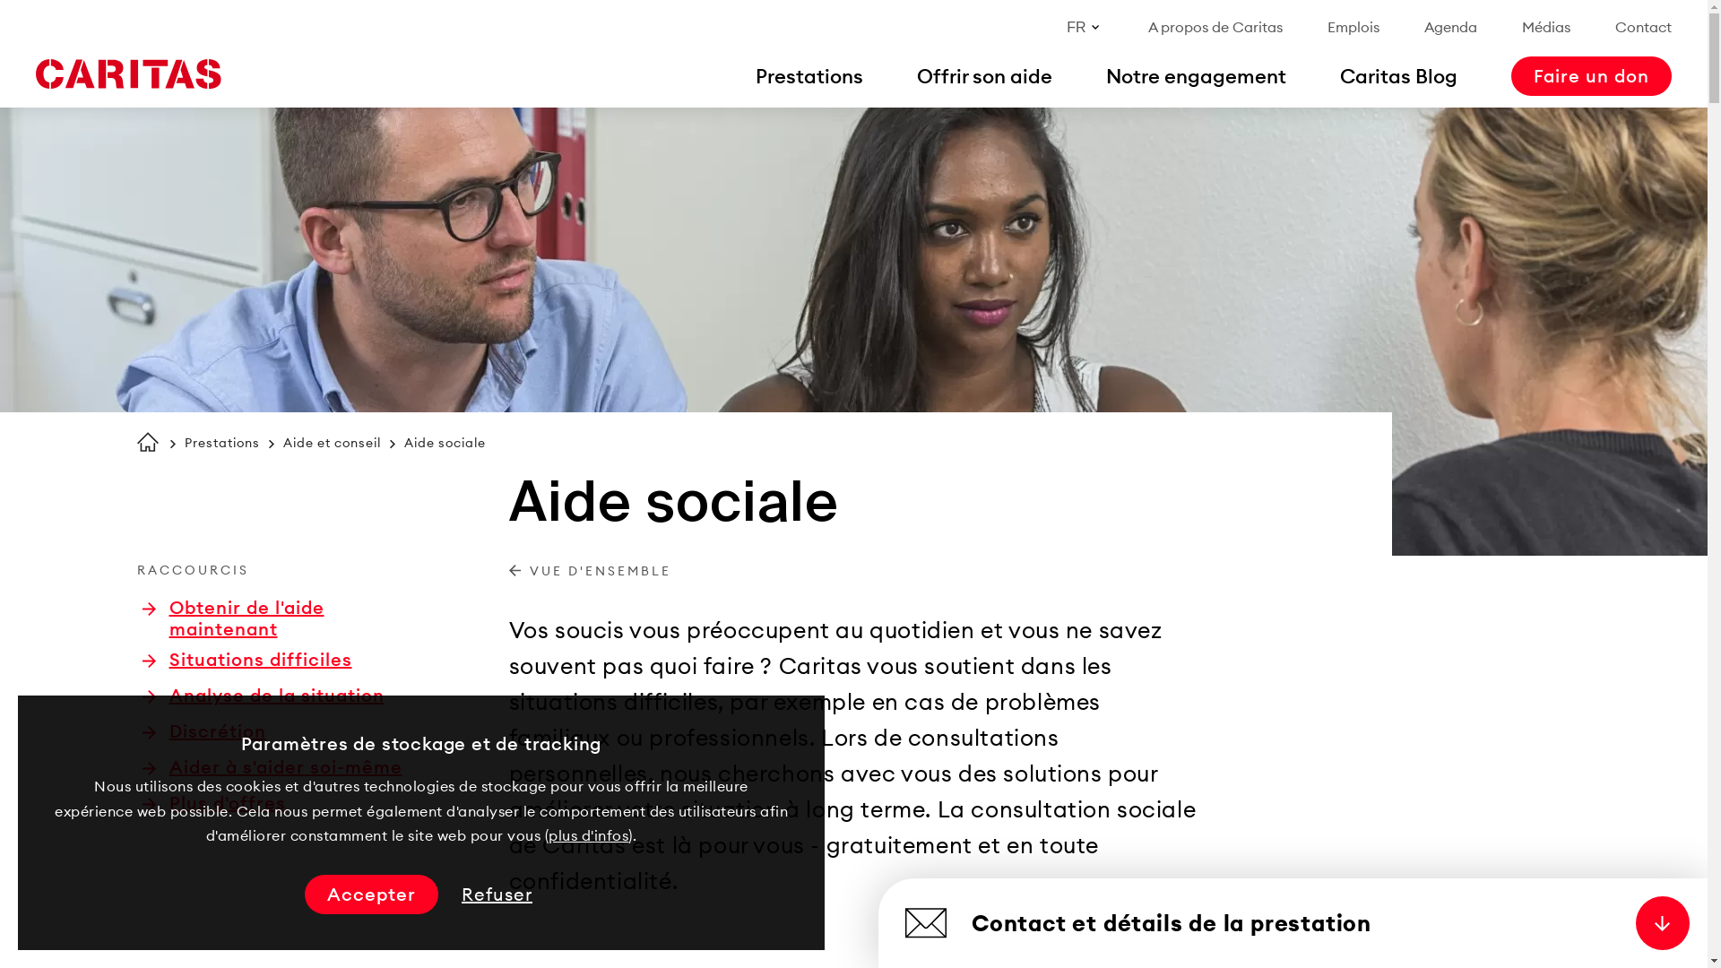  Describe the element at coordinates (279, 618) in the screenshot. I see `'Obtenir de l'aide maintenant'` at that location.